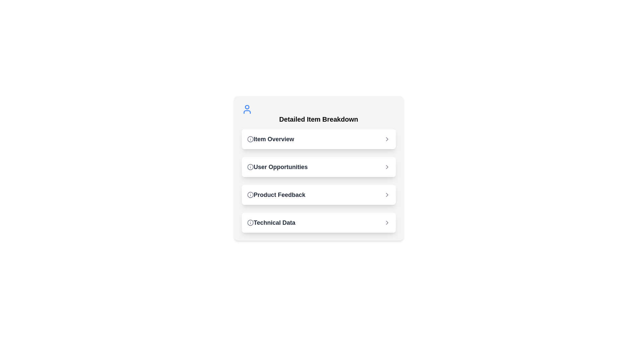  Describe the element at coordinates (387, 222) in the screenshot. I see `the icon located at the far-right end of the row containing 'Technical Data'` at that location.